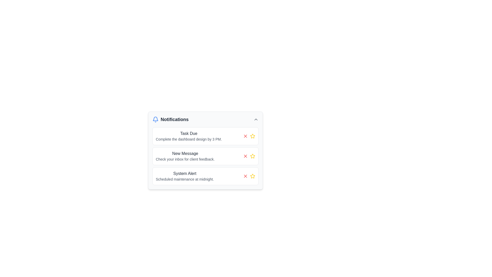 The width and height of the screenshot is (492, 277). What do you see at coordinates (256, 120) in the screenshot?
I see `the chevron-shaped button resembling an upward-pointing arrow, styled in gray, located at the far-right side of the 'Notifications' section` at bounding box center [256, 120].